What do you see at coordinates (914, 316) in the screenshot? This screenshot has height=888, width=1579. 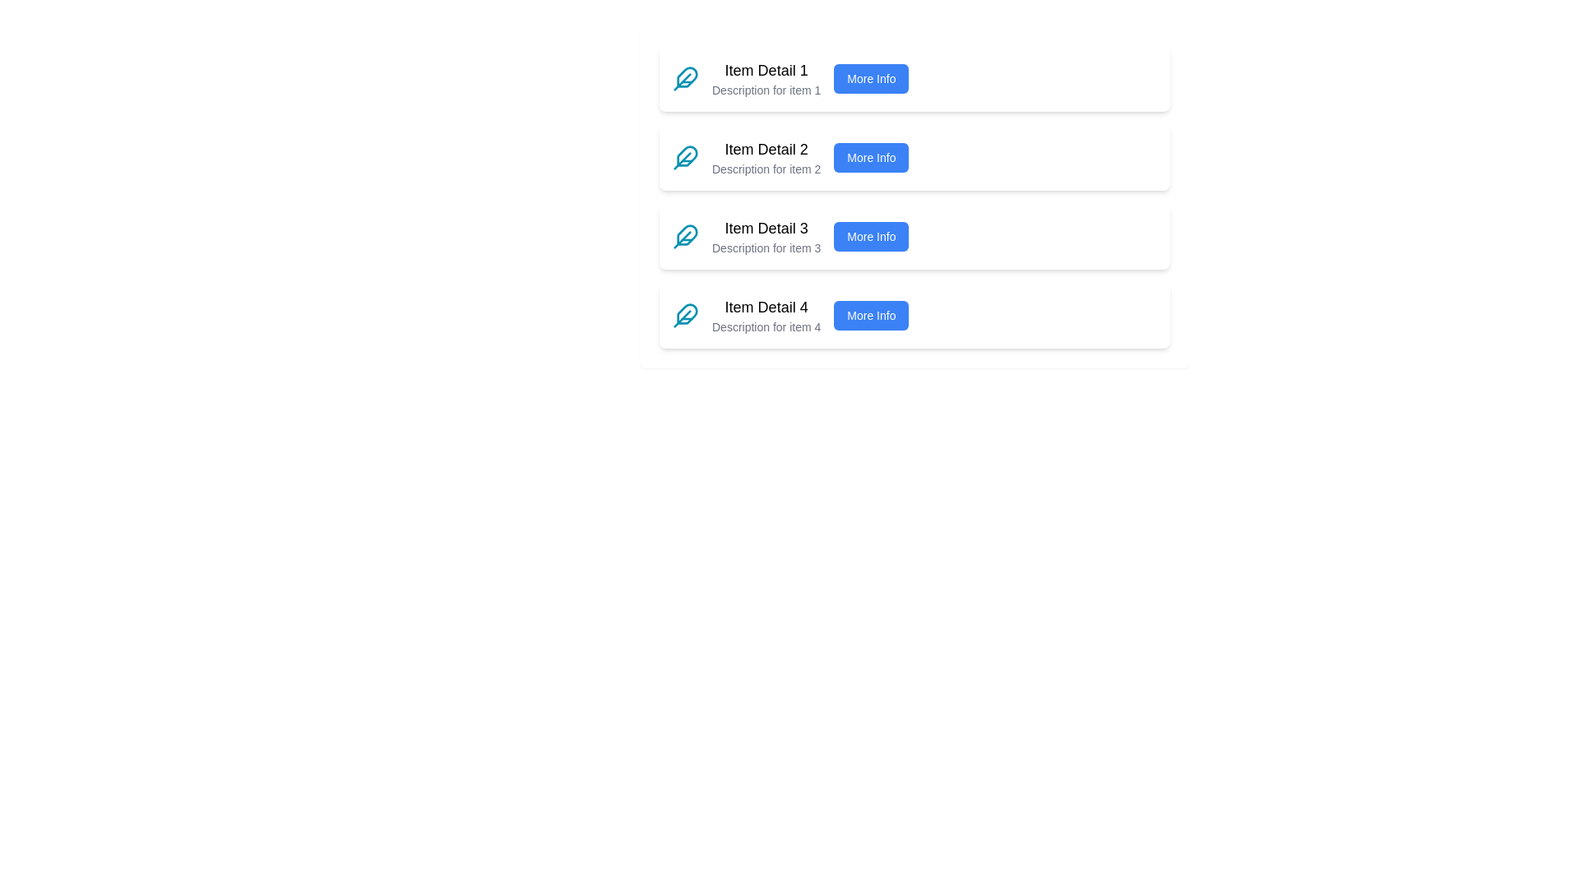 I see `the 'More Info' button on the Information Card for 'Item Detail 4', which is the fourth card in a vertical list within a light blue panel located at the bottom section of the interface` at bounding box center [914, 316].